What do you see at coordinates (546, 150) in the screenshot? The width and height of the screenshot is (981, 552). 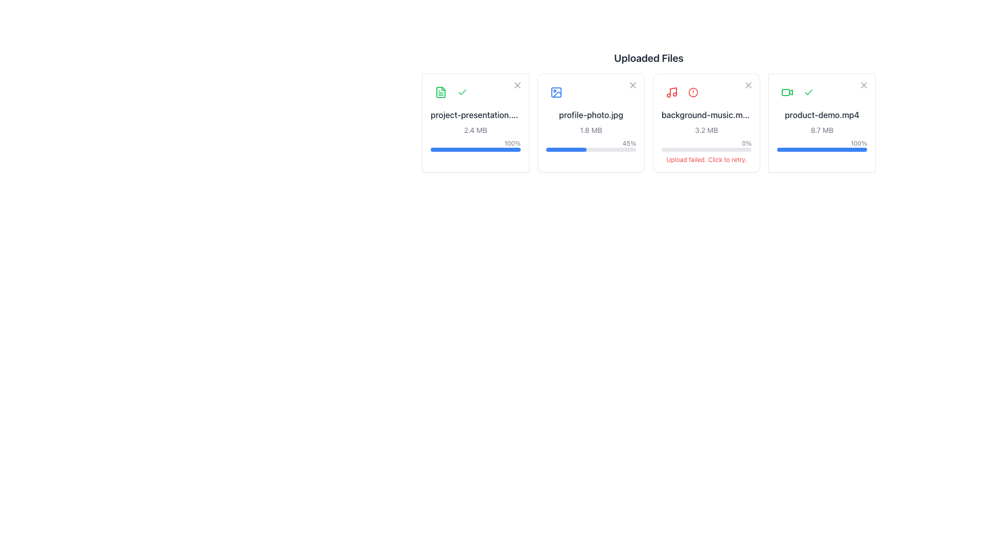 I see `progress bar value` at bounding box center [546, 150].